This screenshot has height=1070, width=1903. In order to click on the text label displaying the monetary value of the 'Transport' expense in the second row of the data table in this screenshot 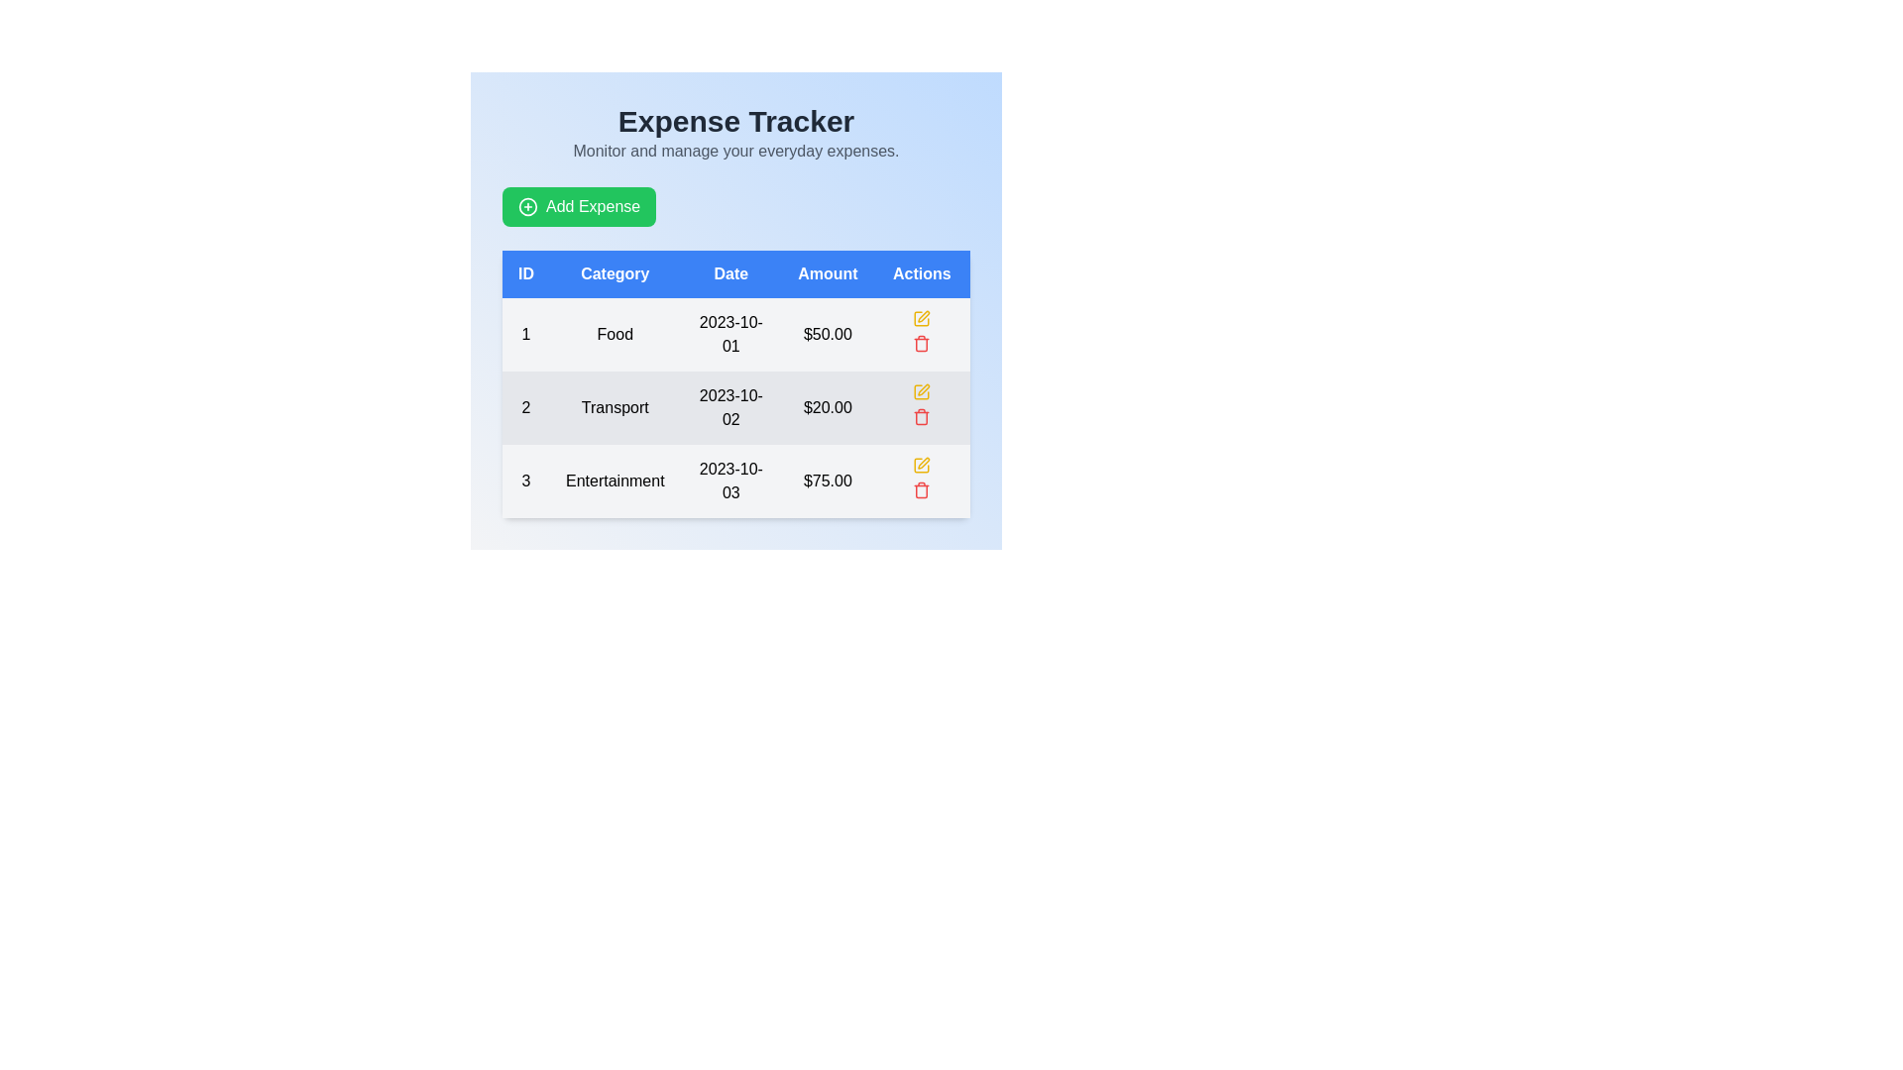, I will do `click(828, 407)`.